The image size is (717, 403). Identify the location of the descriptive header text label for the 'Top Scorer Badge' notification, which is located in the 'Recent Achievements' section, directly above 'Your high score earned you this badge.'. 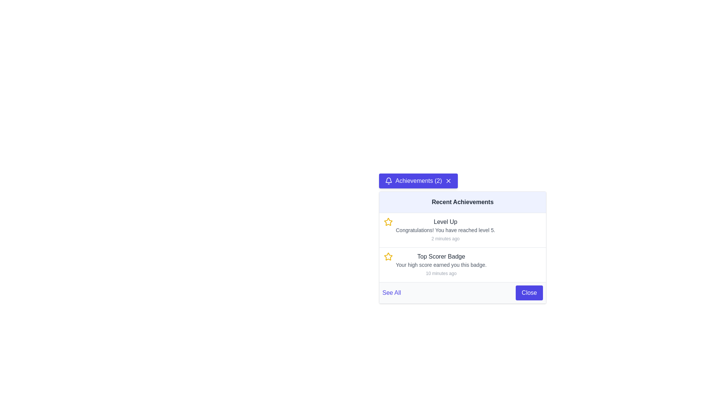
(441, 256).